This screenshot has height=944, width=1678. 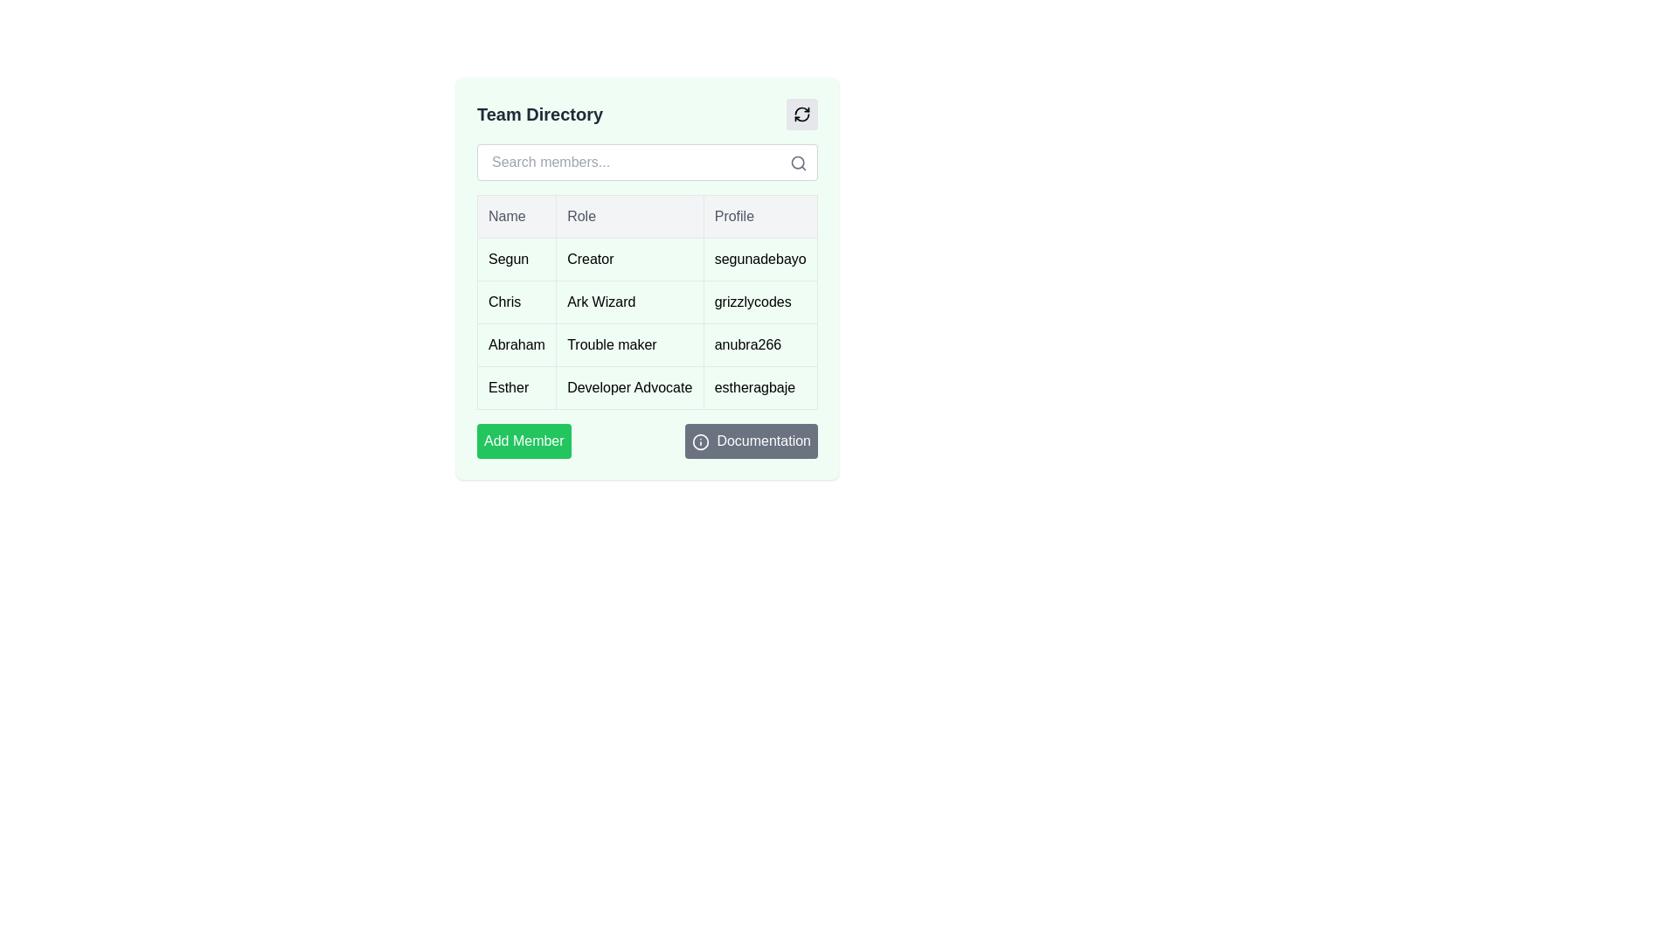 What do you see at coordinates (801, 115) in the screenshot?
I see `the reload icon located in the top right corner of the 'Team Directory' card` at bounding box center [801, 115].